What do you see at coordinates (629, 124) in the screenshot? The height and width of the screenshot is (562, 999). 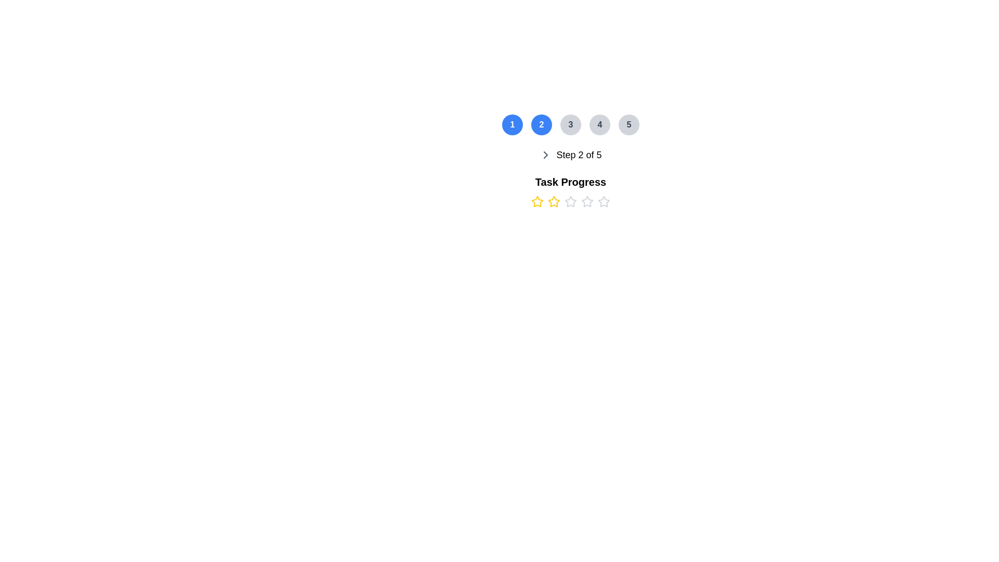 I see `the button labeled '5' which is the last item in a horizontal sequence of buttons under 'Step 2 of 5'` at bounding box center [629, 124].